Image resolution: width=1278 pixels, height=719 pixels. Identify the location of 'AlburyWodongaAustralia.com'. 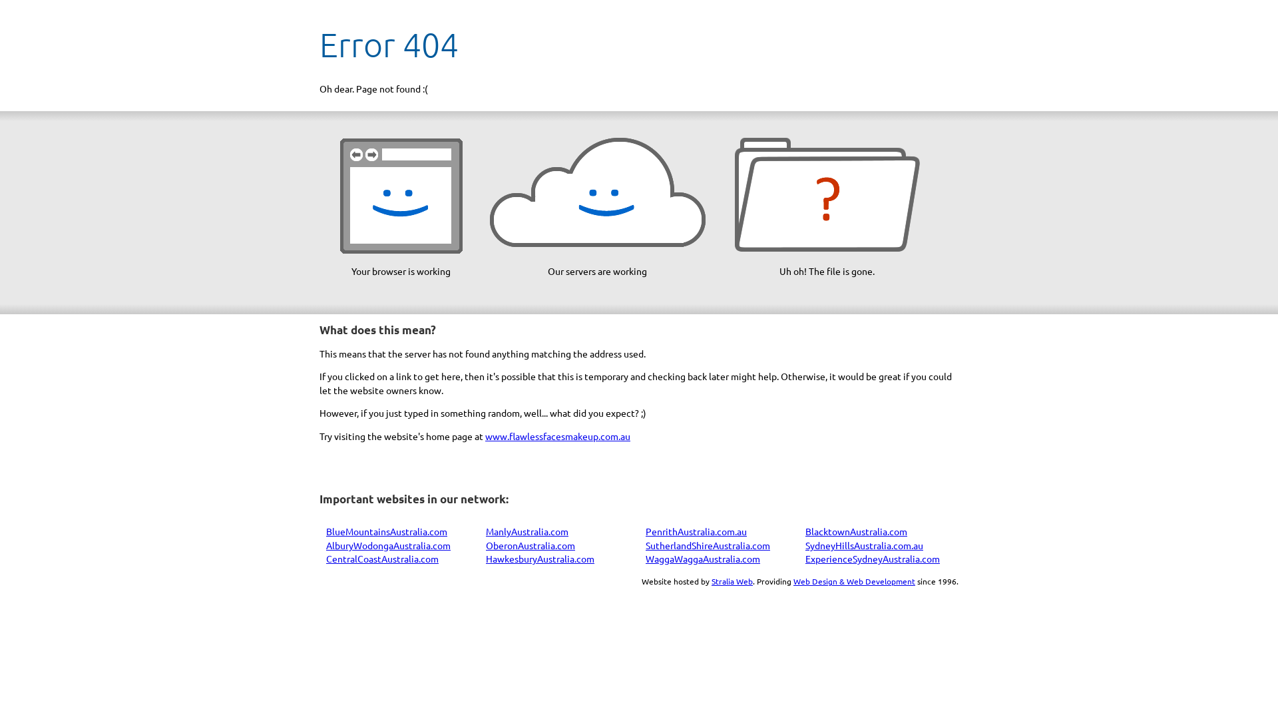
(387, 545).